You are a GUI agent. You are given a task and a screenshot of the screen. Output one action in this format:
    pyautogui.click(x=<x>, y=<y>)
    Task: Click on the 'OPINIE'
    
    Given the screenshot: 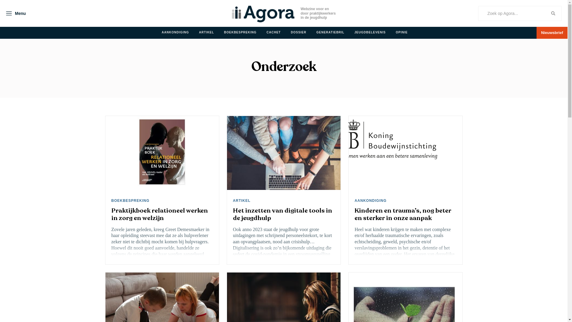 What is the action you would take?
    pyautogui.click(x=391, y=33)
    